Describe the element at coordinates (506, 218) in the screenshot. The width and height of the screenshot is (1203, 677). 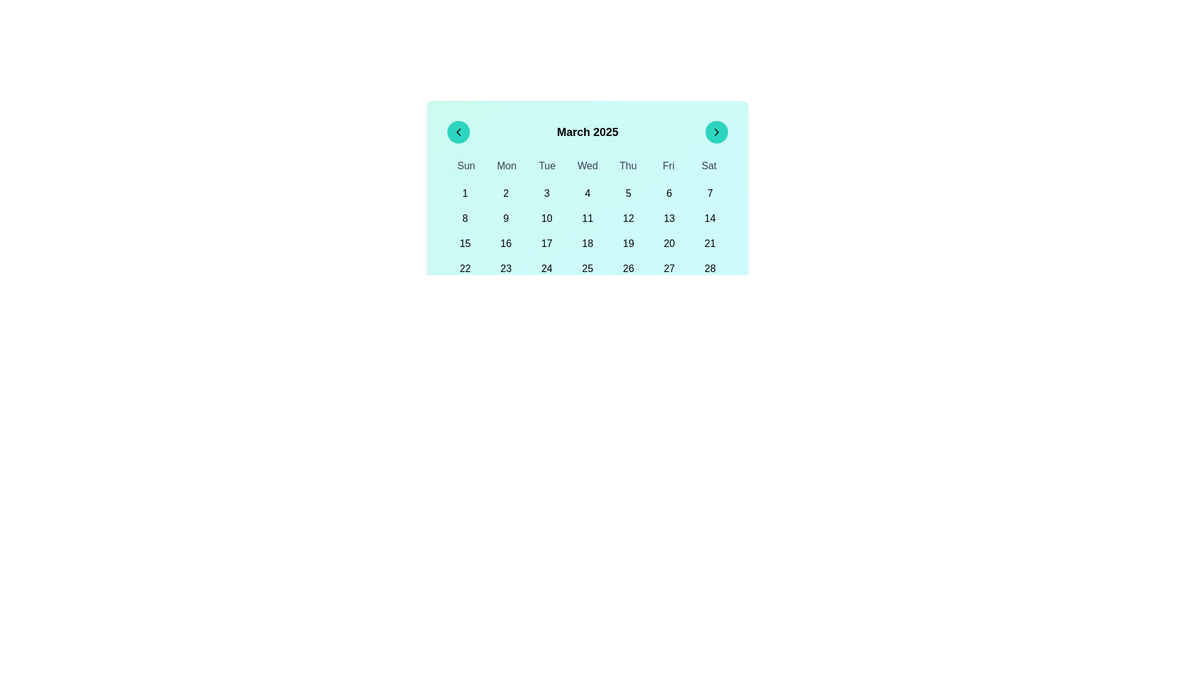
I see `the circular Interactive calendar day button displaying '9', located` at that location.